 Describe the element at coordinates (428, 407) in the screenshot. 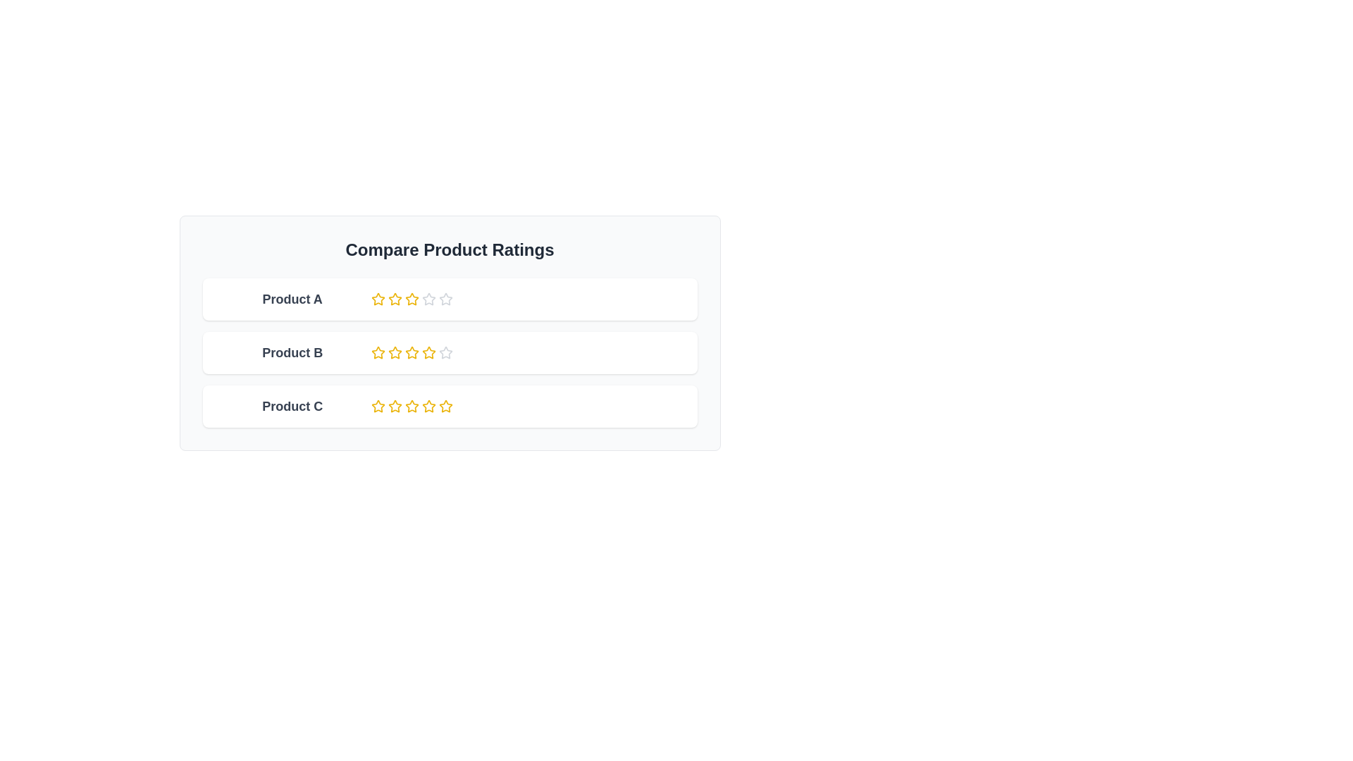

I see `the fourth star icon in the rating system for 'Product C'` at that location.